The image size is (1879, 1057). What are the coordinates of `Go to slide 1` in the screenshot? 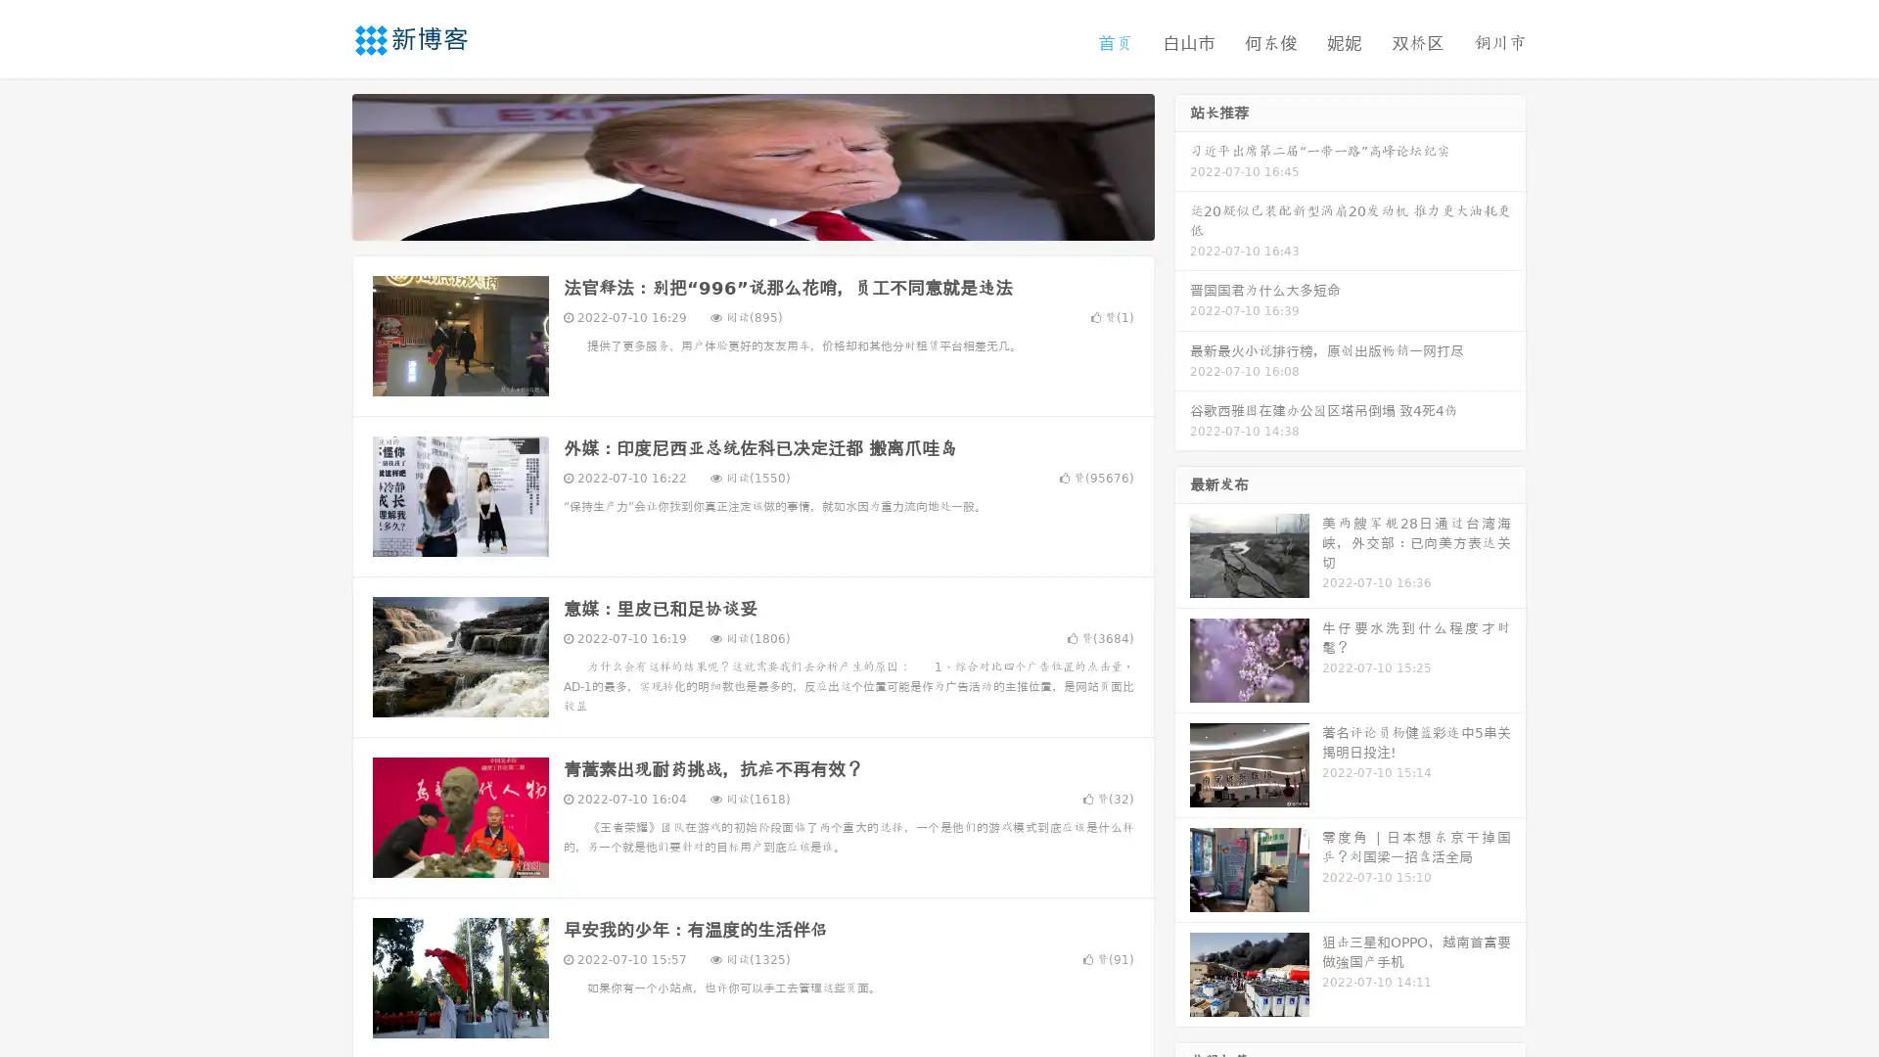 It's located at (732, 220).